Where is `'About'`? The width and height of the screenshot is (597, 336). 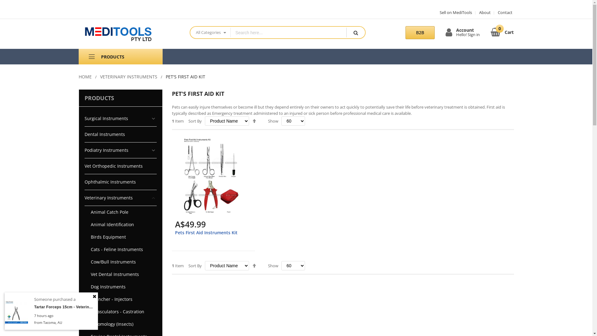
'About' is located at coordinates (482, 12).